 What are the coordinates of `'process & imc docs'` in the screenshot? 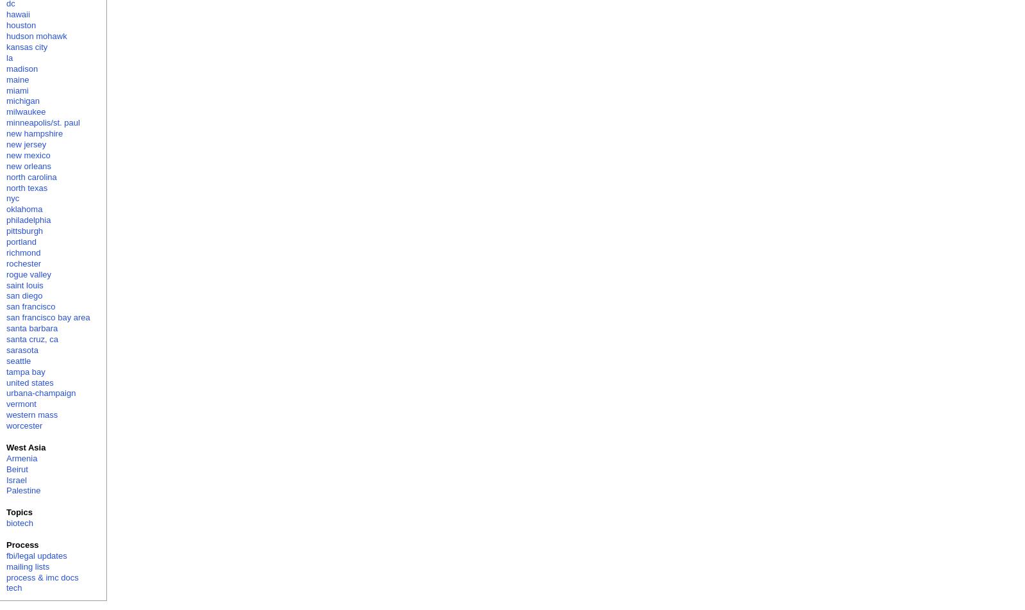 It's located at (42, 577).